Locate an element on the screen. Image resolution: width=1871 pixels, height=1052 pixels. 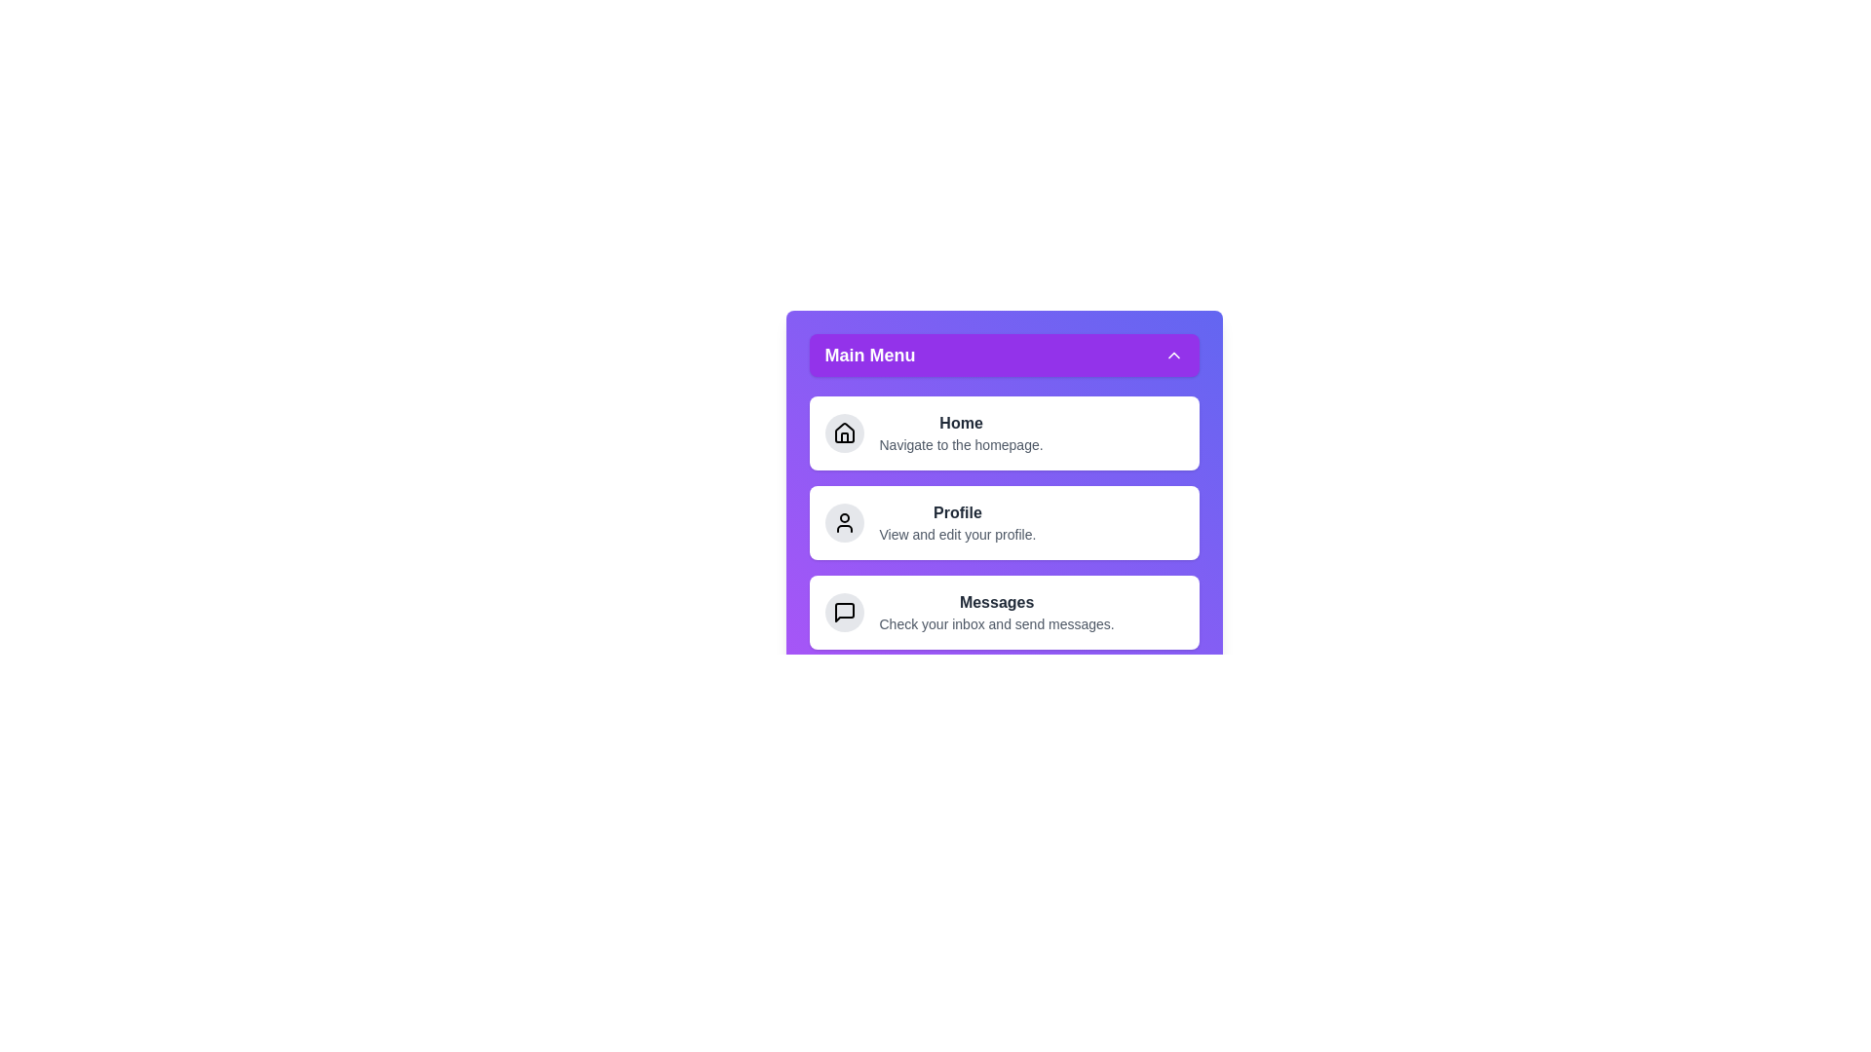
the menu item Home to navigate to its respective section is located at coordinates (1004, 432).